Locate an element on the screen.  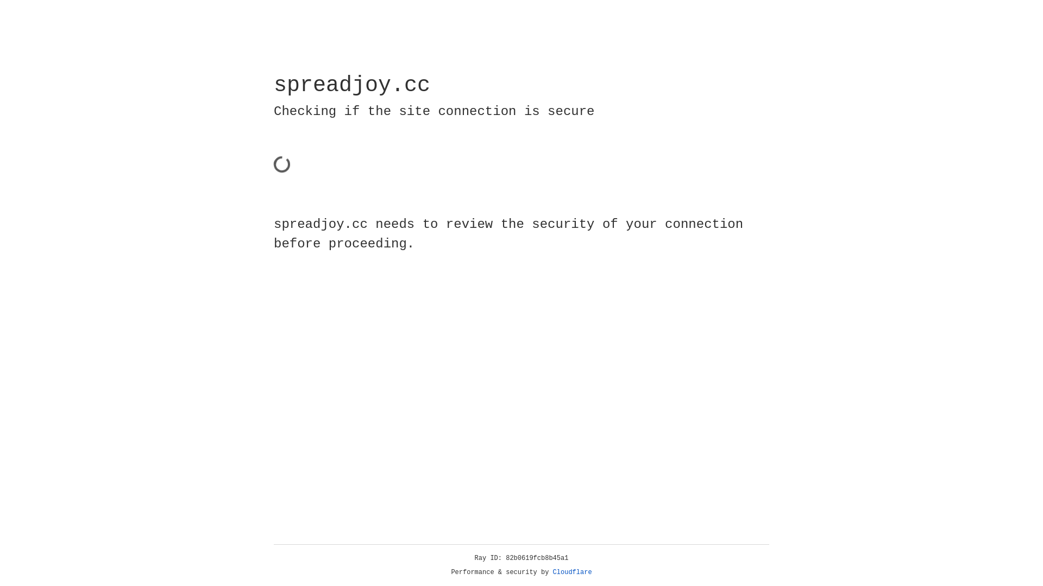
'Cloudflare' is located at coordinates (552, 572).